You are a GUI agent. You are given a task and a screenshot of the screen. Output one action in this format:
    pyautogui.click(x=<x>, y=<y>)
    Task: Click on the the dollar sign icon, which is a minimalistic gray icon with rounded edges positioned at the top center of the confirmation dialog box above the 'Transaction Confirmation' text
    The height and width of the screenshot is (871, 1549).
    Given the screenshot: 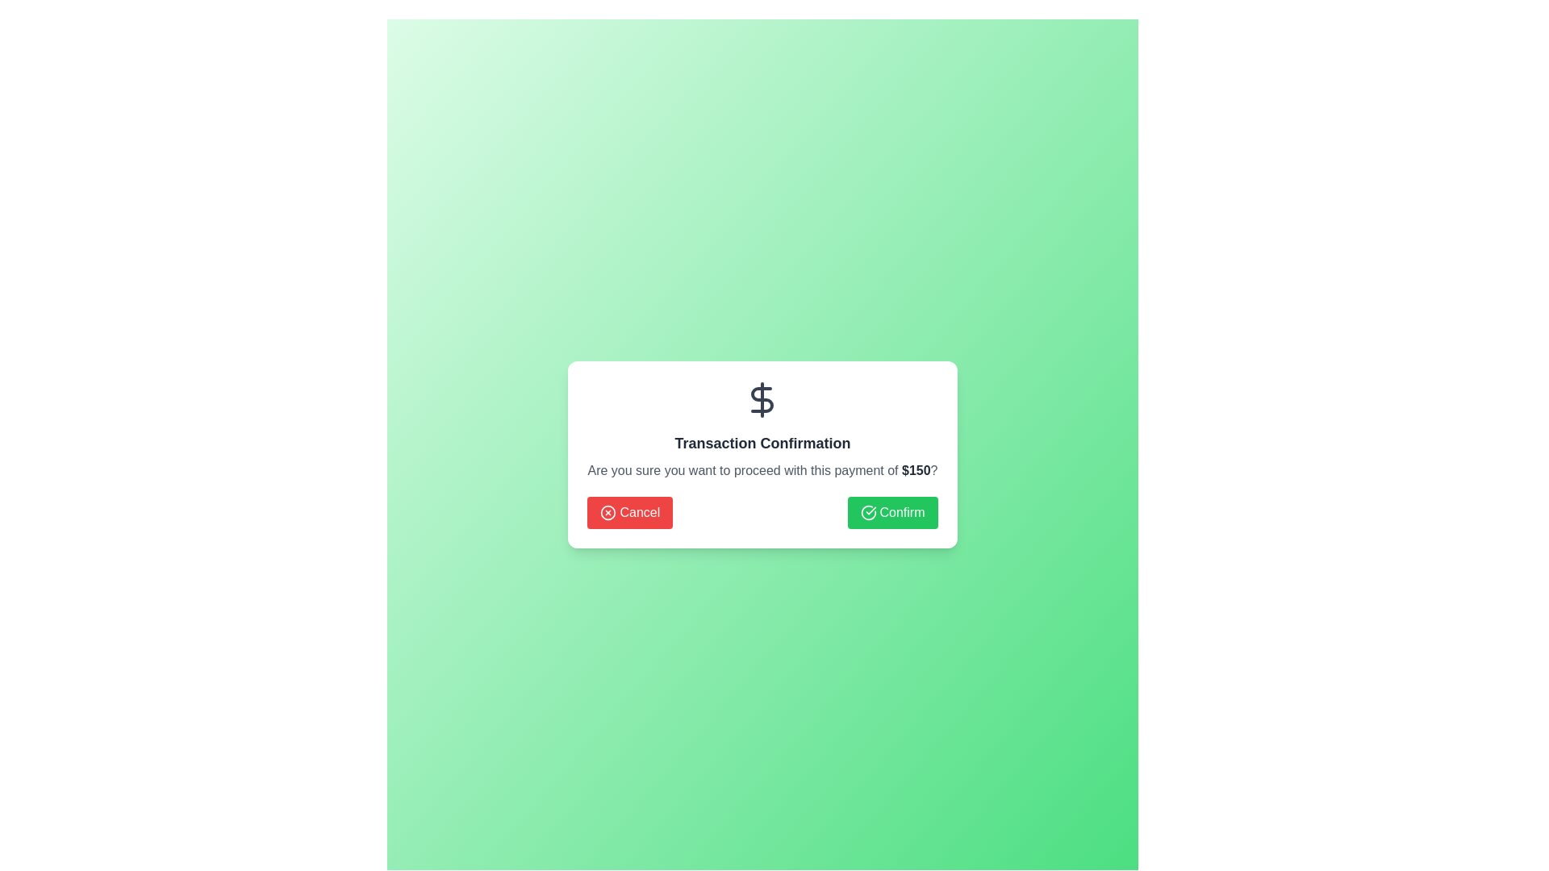 What is the action you would take?
    pyautogui.click(x=762, y=399)
    